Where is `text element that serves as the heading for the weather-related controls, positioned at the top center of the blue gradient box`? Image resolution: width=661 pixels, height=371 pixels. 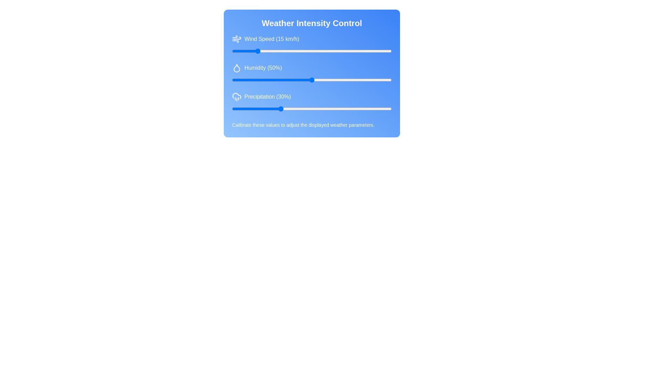 text element that serves as the heading for the weather-related controls, positioned at the top center of the blue gradient box is located at coordinates (312, 23).